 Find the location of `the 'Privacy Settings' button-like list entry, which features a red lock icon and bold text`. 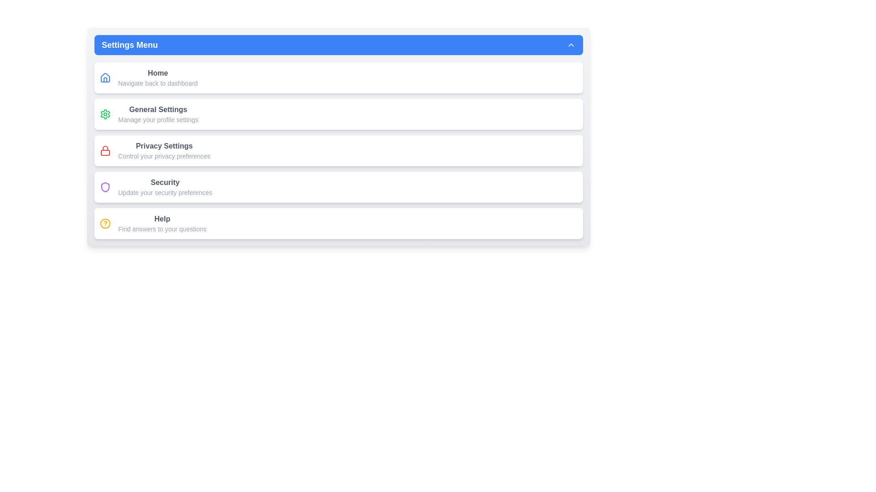

the 'Privacy Settings' button-like list entry, which features a red lock icon and bold text is located at coordinates (338, 150).